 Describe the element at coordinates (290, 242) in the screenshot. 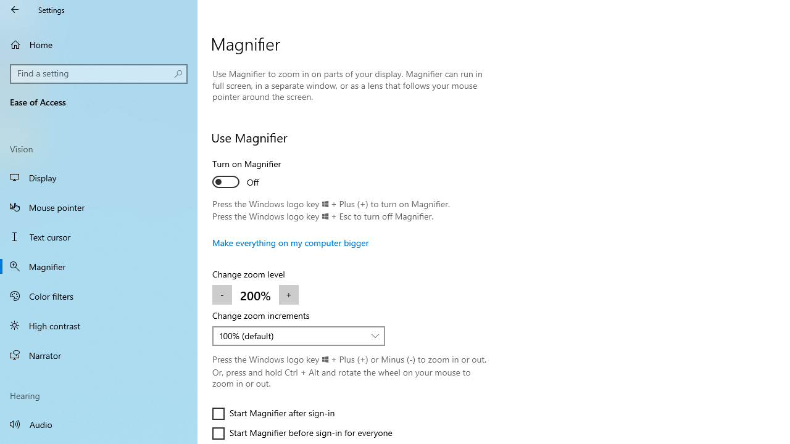

I see `'Make everything on my computer bigger'` at that location.